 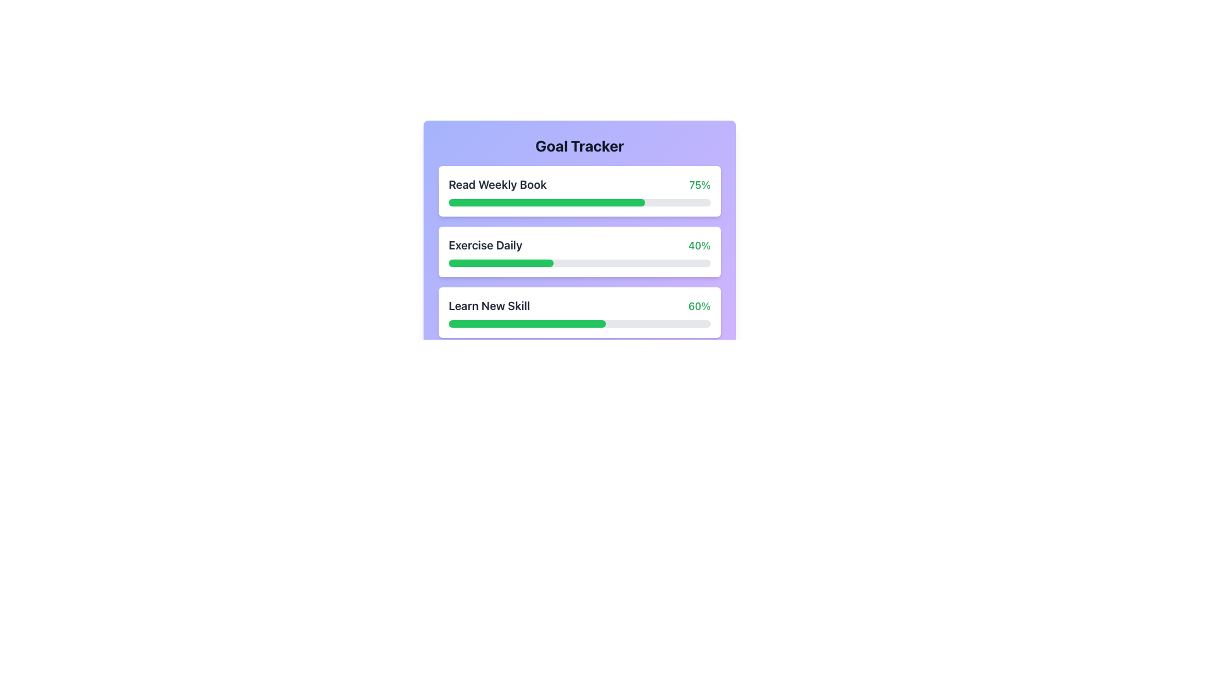 What do you see at coordinates (489, 306) in the screenshot?
I see `the Text Label that serves as a descriptor for the goal in the 'Goal Tracker' panel, which is associated with a progress indicator showing '60%'` at bounding box center [489, 306].